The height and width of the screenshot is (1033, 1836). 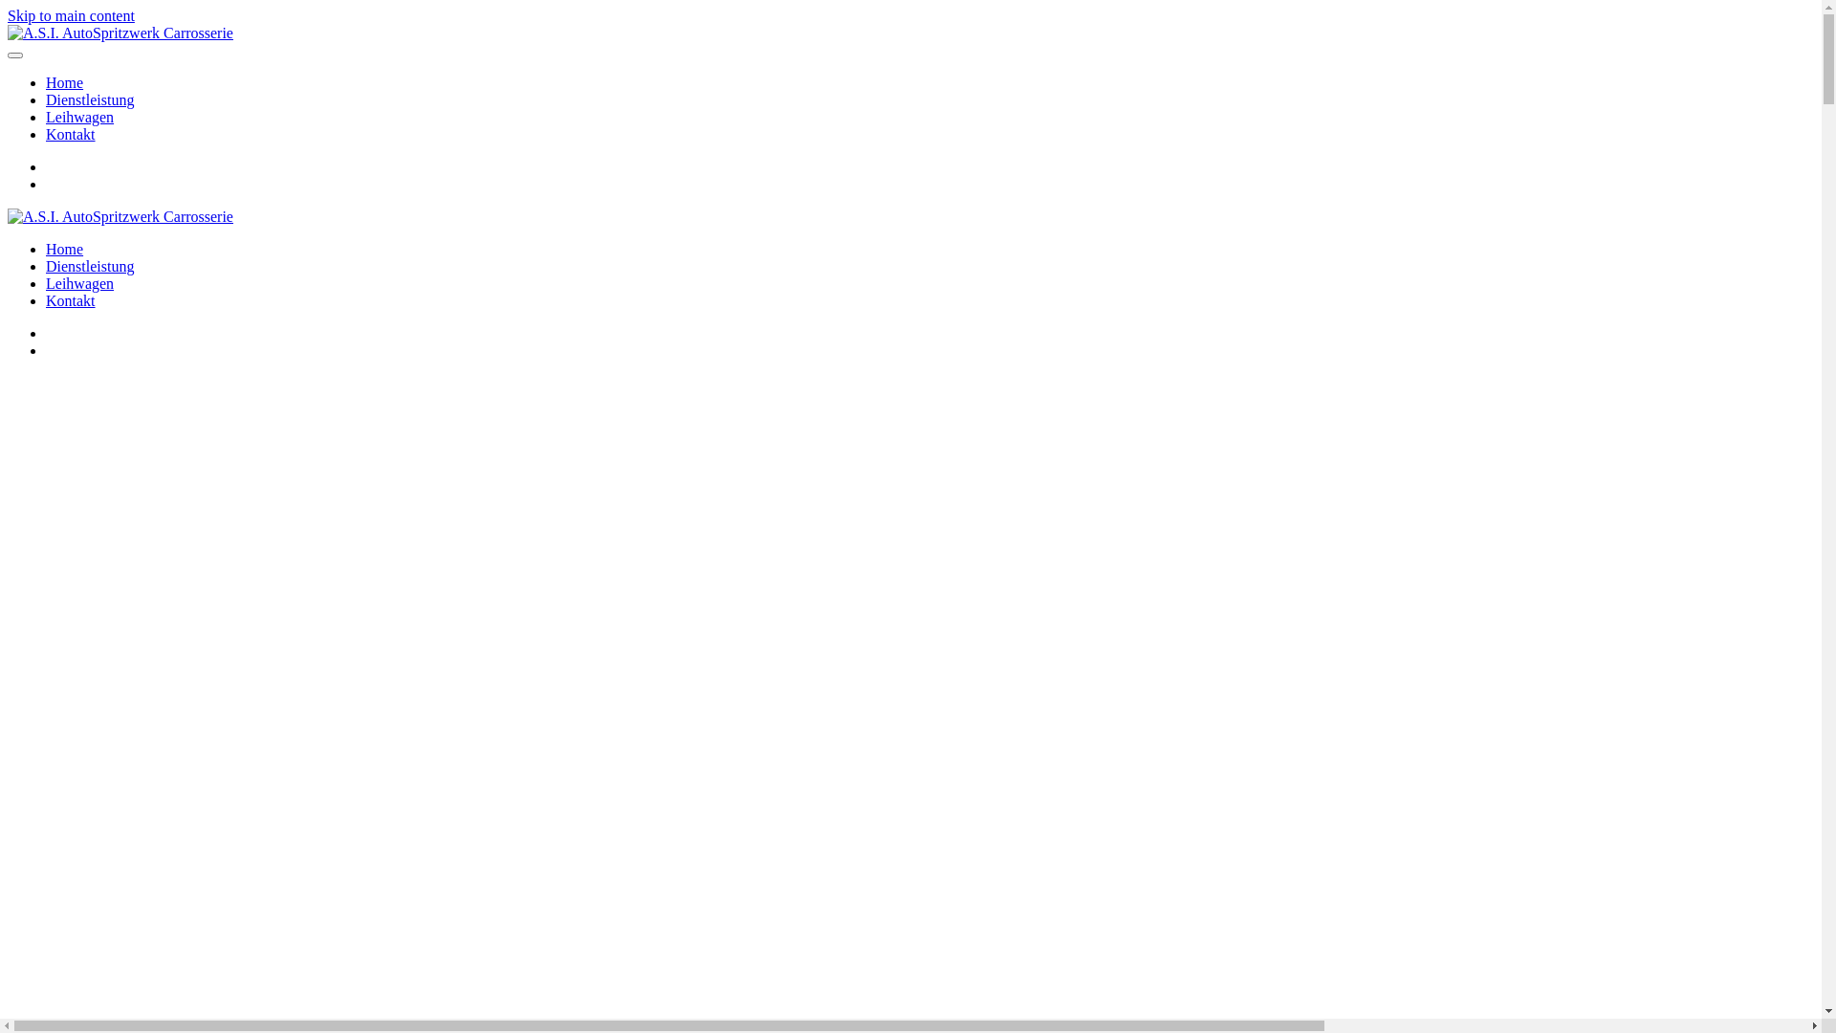 I want to click on 'Kontakt', so click(x=70, y=300).